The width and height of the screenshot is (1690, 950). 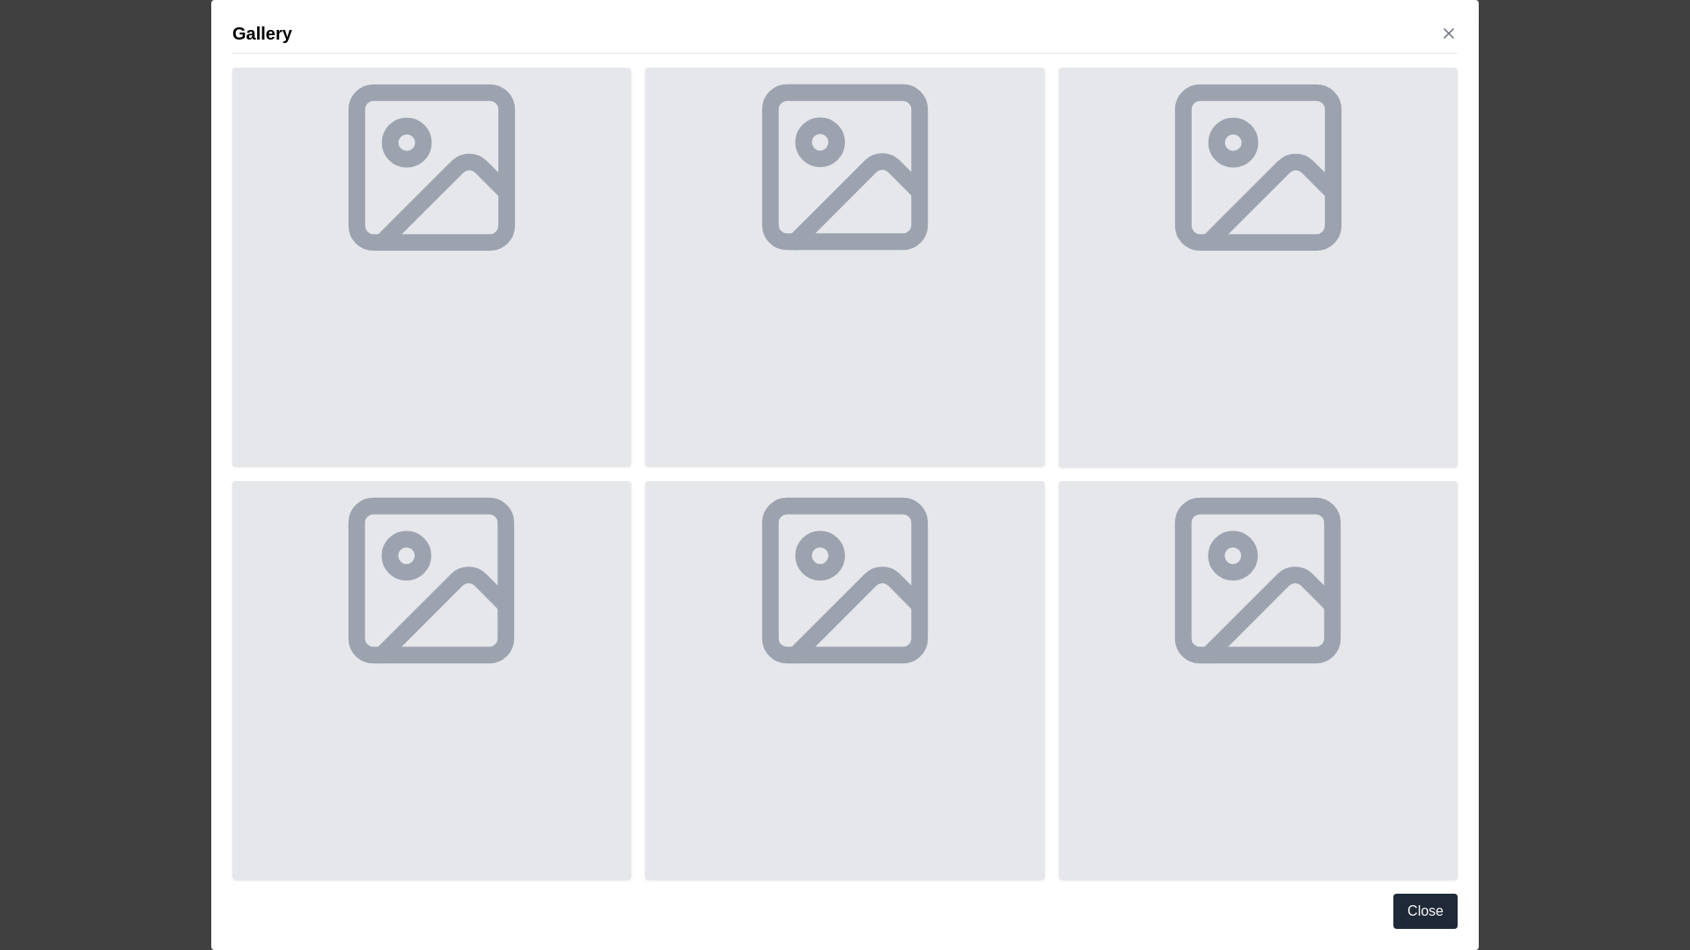 I want to click on the Decorative Circle, which is a small circular shape with a solid outline located in the top-left corner of the first square icon in the gallery grid, so click(x=406, y=142).